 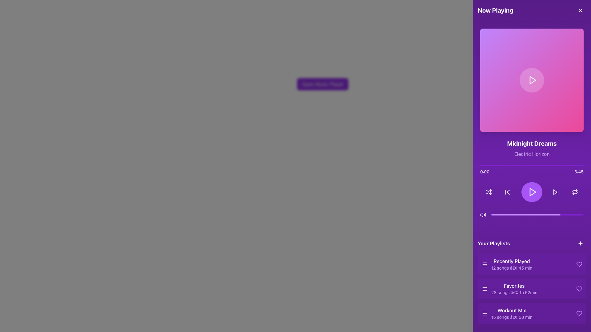 I want to click on the play triangle icon, which is a prominent right-pointing triangle centered within a vibrant purple and pink gradient rectangular area in the right sidebar of the interface, so click(x=533, y=80).